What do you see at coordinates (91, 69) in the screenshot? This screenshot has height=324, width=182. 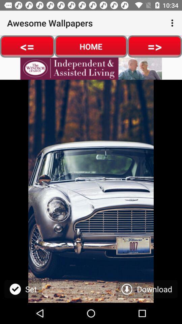 I see `independent` at bounding box center [91, 69].